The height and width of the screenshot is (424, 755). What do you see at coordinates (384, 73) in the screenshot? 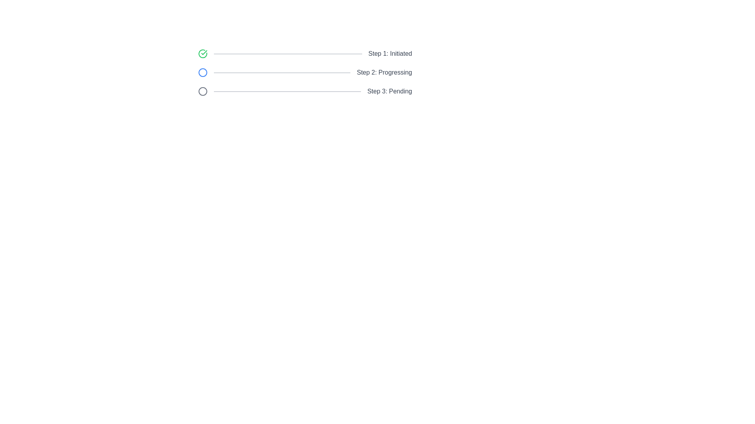
I see `the text label indicating the progression state of the second step, labeled 'Step 2: Progressing'` at bounding box center [384, 73].